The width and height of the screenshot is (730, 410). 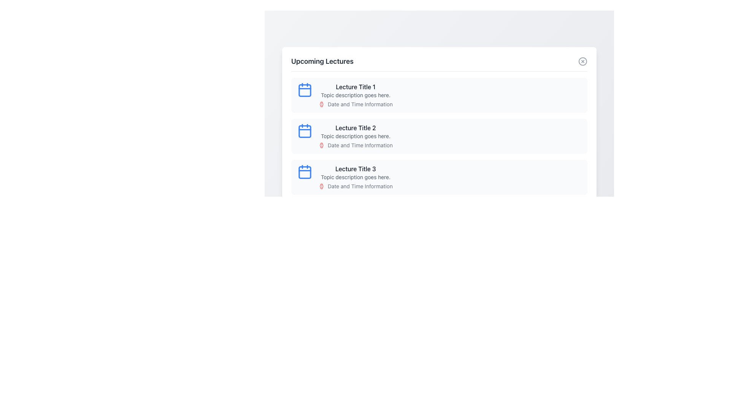 What do you see at coordinates (360, 186) in the screenshot?
I see `the text label displaying 'Date and Time Information', which is styled with a small gray font and positioned below the third lecture title in the interface` at bounding box center [360, 186].